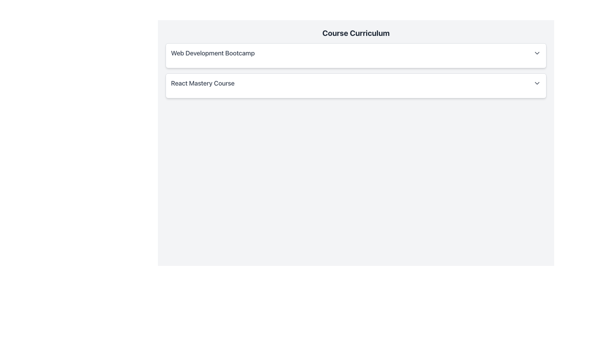 The image size is (615, 346). What do you see at coordinates (356, 85) in the screenshot?
I see `the Collapsible Panel labeled 'React Mastery Course'` at bounding box center [356, 85].